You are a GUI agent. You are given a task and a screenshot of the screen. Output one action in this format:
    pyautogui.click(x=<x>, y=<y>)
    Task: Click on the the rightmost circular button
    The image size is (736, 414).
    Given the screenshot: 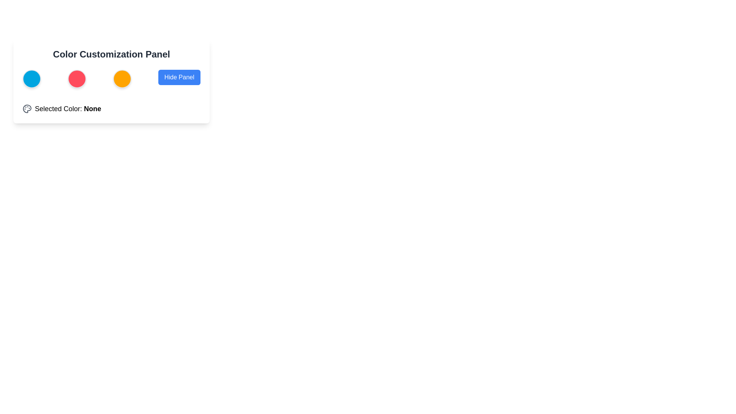 What is the action you would take?
    pyautogui.click(x=122, y=79)
    